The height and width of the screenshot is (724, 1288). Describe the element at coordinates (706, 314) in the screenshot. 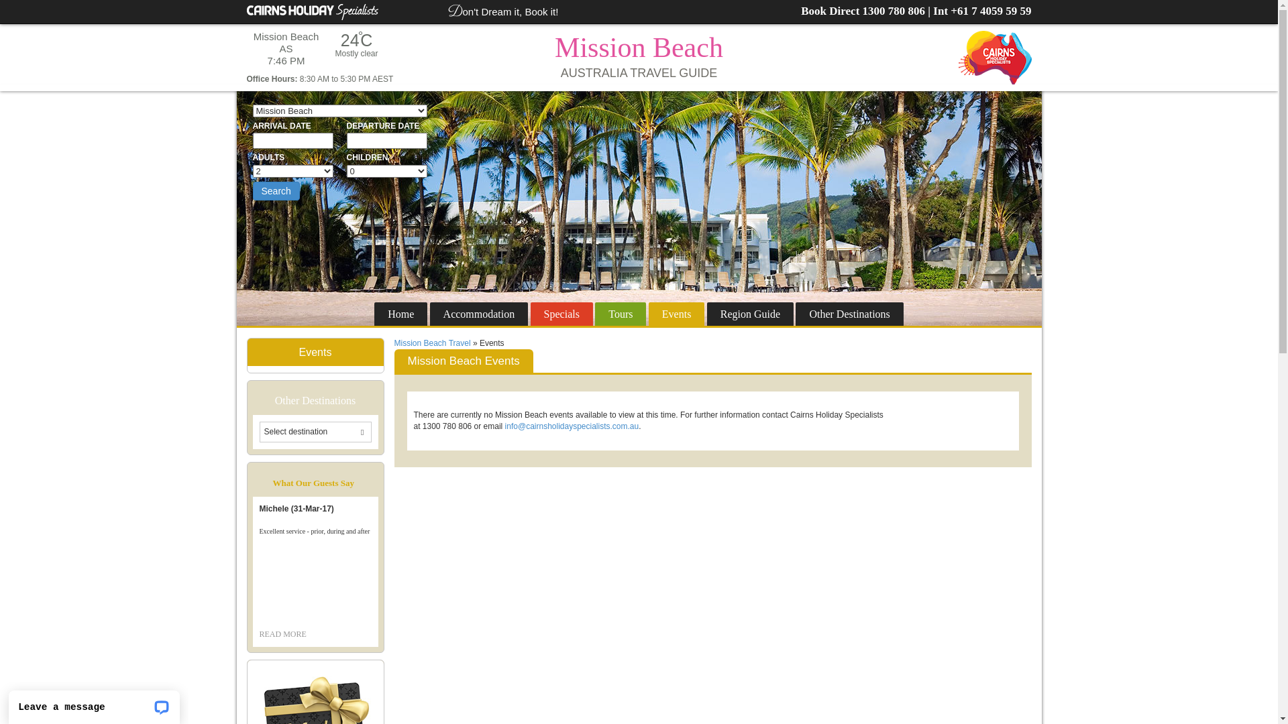

I see `'Region Guide'` at that location.